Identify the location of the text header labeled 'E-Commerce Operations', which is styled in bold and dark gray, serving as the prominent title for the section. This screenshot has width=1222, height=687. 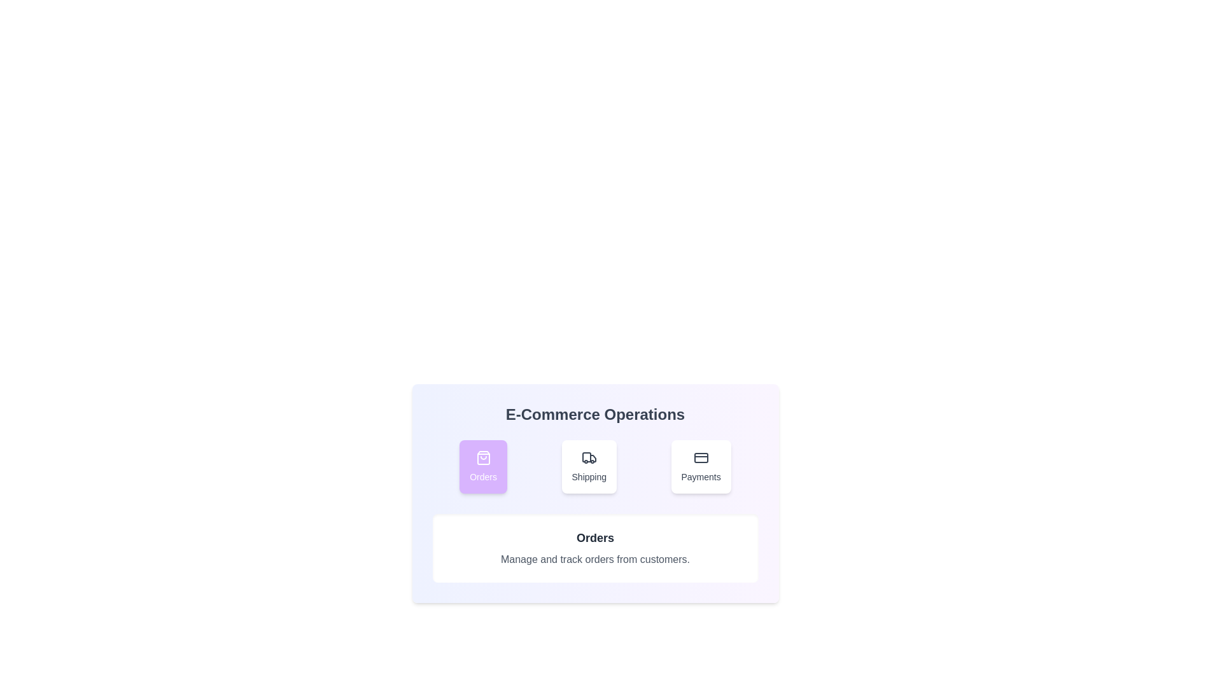
(594, 414).